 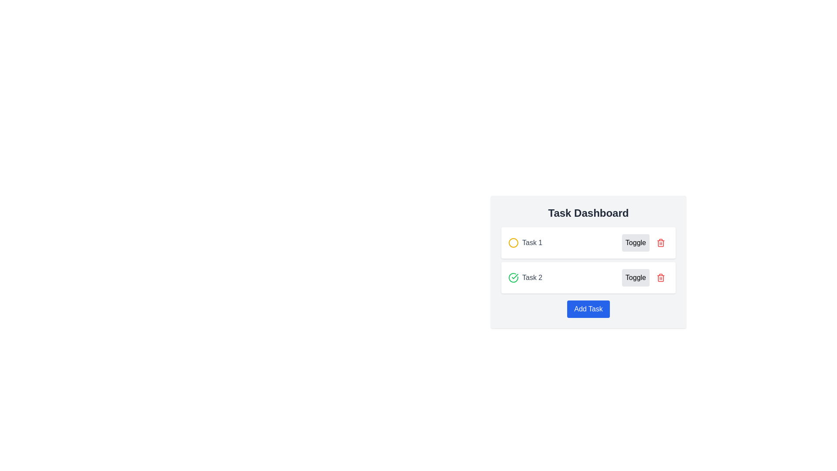 I want to click on the status of the Status Icon, which is a green circular icon with a checkmark inside, indicating a completed task for 'Task 2', so click(x=513, y=277).